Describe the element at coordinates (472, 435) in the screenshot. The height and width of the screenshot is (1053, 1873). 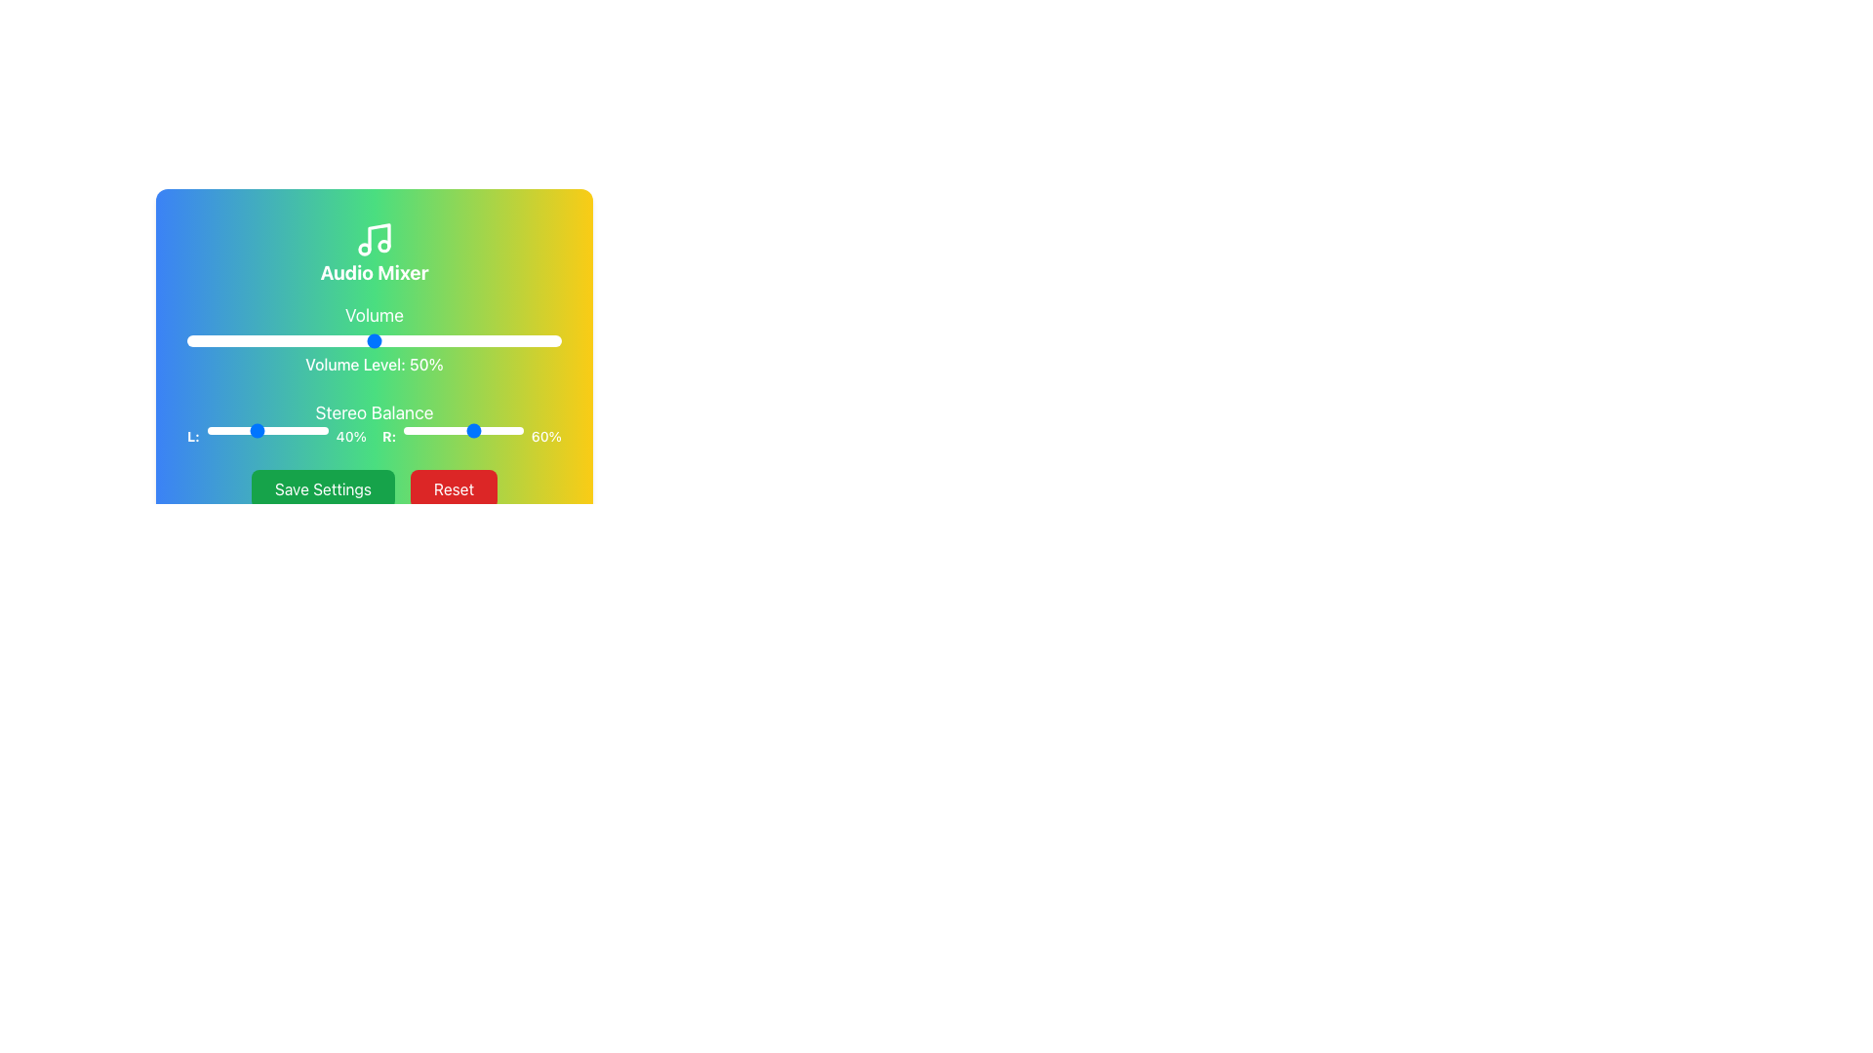
I see `the stereo balance slider for the 'right' channel, which is the second slider positioned` at that location.